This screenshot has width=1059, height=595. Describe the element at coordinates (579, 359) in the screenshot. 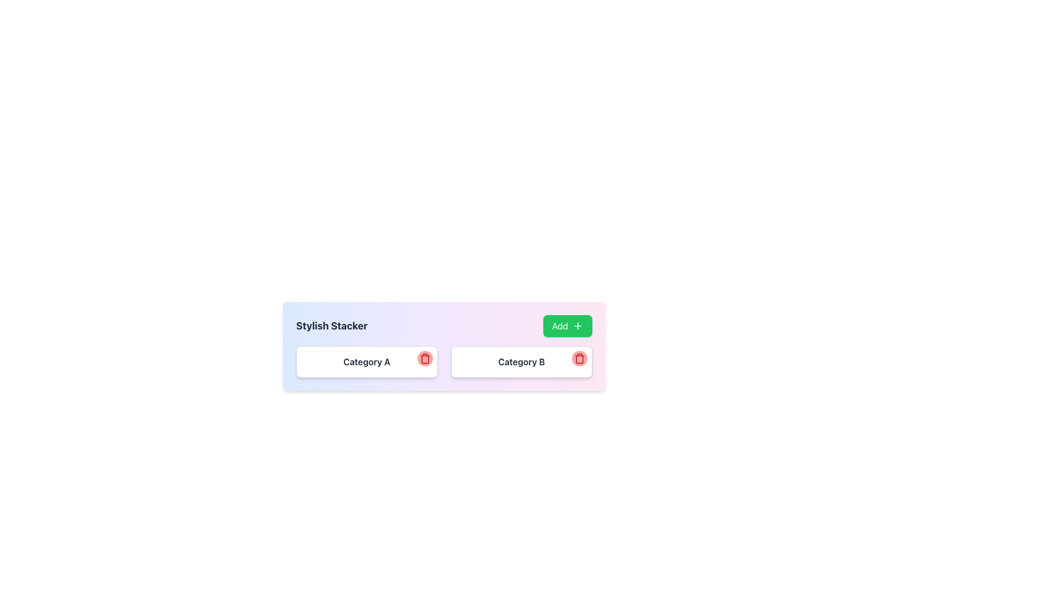

I see `the delete icon button with a red background located to the far right of the 'Category B' label` at that location.